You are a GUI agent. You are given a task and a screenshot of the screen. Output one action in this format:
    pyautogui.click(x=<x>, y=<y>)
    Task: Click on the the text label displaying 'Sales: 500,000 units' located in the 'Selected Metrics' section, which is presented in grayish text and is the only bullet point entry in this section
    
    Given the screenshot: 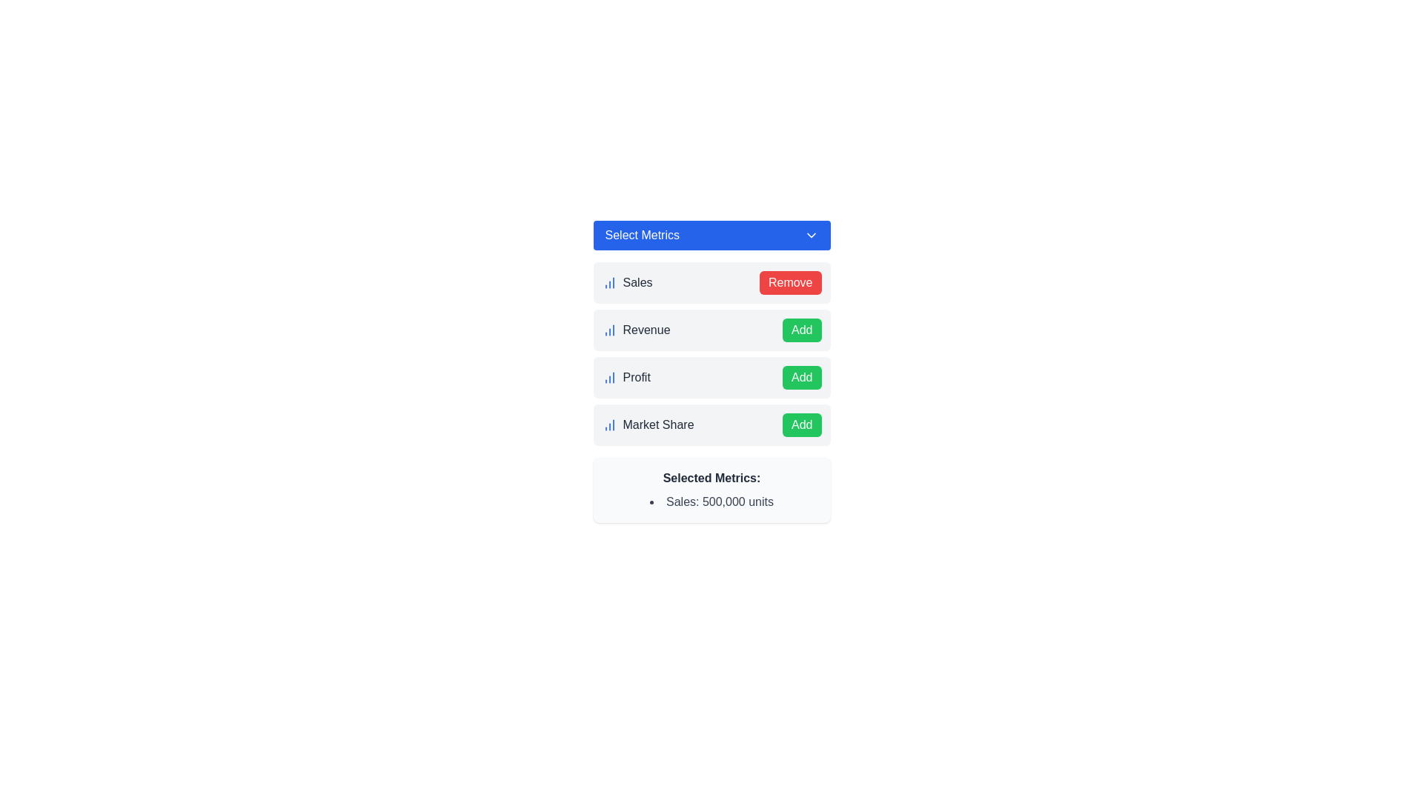 What is the action you would take?
    pyautogui.click(x=711, y=501)
    